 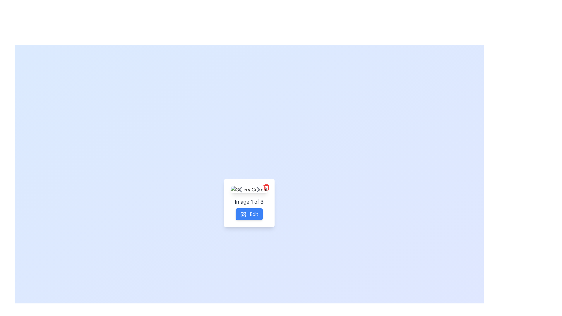 I want to click on the leftward arrow icon located within a circular button in the upper section of the modal interface for image navigation and editing options, so click(x=240, y=190).